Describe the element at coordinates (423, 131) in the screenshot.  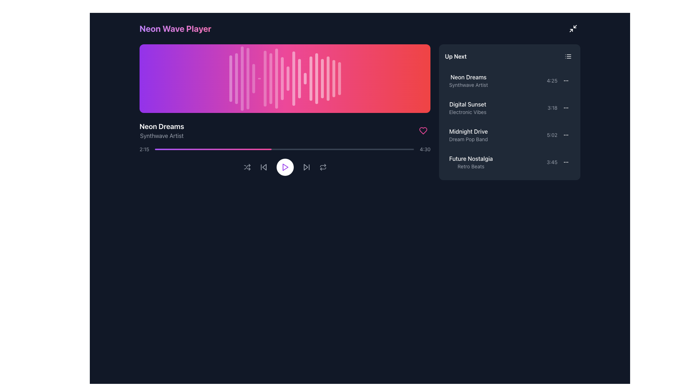
I see `the heart icon located to the immediate right of the progress bar to like or mark the track as favorite` at that location.